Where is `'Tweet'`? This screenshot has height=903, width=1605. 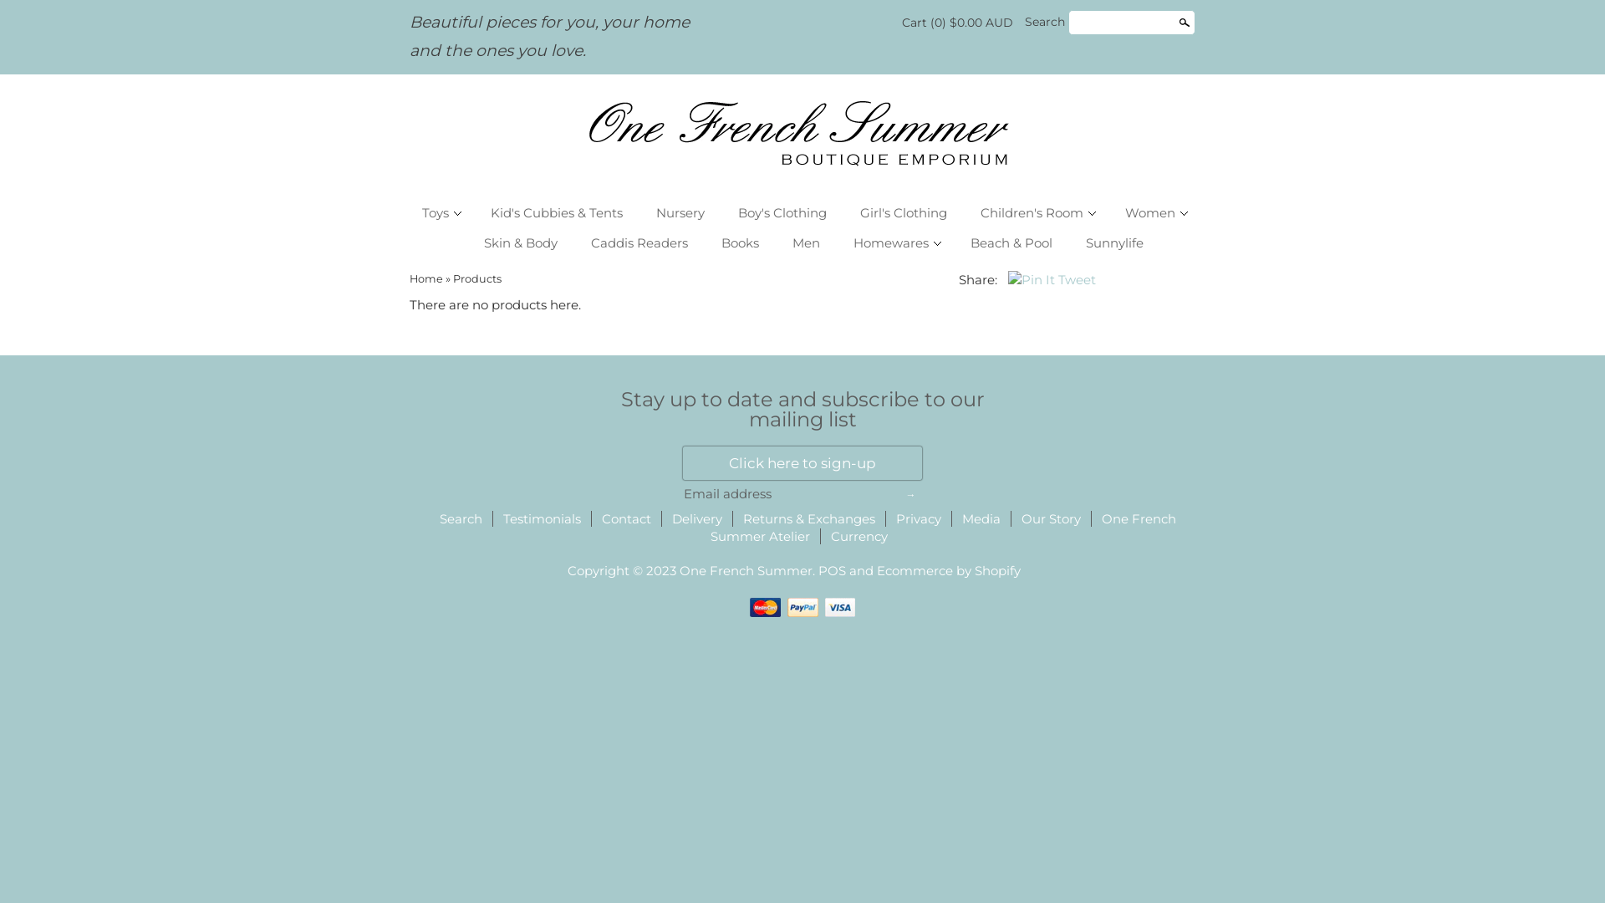 'Tweet' is located at coordinates (1077, 278).